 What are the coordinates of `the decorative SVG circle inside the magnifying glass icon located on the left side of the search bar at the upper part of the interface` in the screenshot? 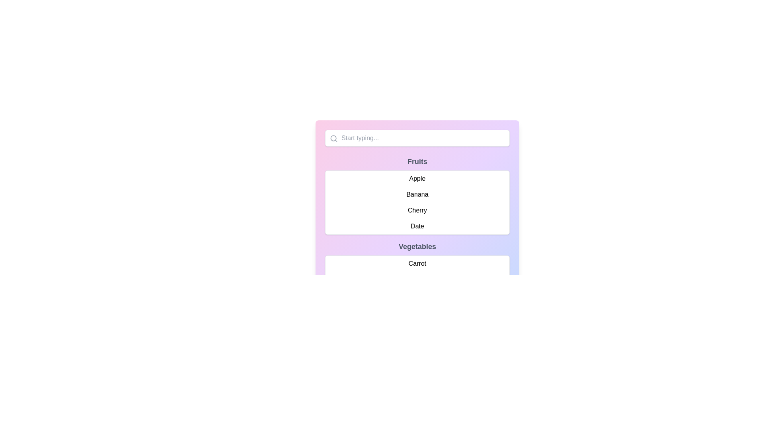 It's located at (333, 138).